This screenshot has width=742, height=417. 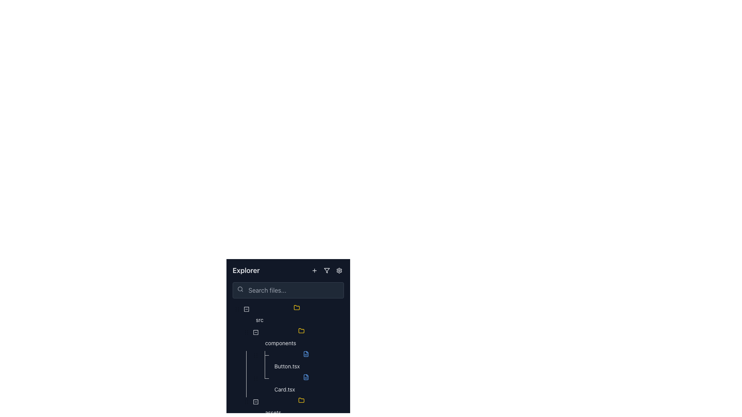 I want to click on the cogwheel icon button, which is the third and last element in a horizontal row of three buttons, so click(x=339, y=270).